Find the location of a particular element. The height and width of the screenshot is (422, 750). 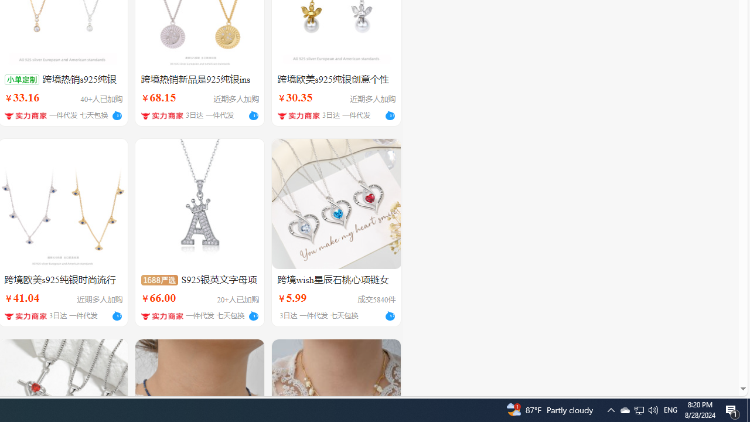

'Class: shop-icon h14' is located at coordinates (162, 315).